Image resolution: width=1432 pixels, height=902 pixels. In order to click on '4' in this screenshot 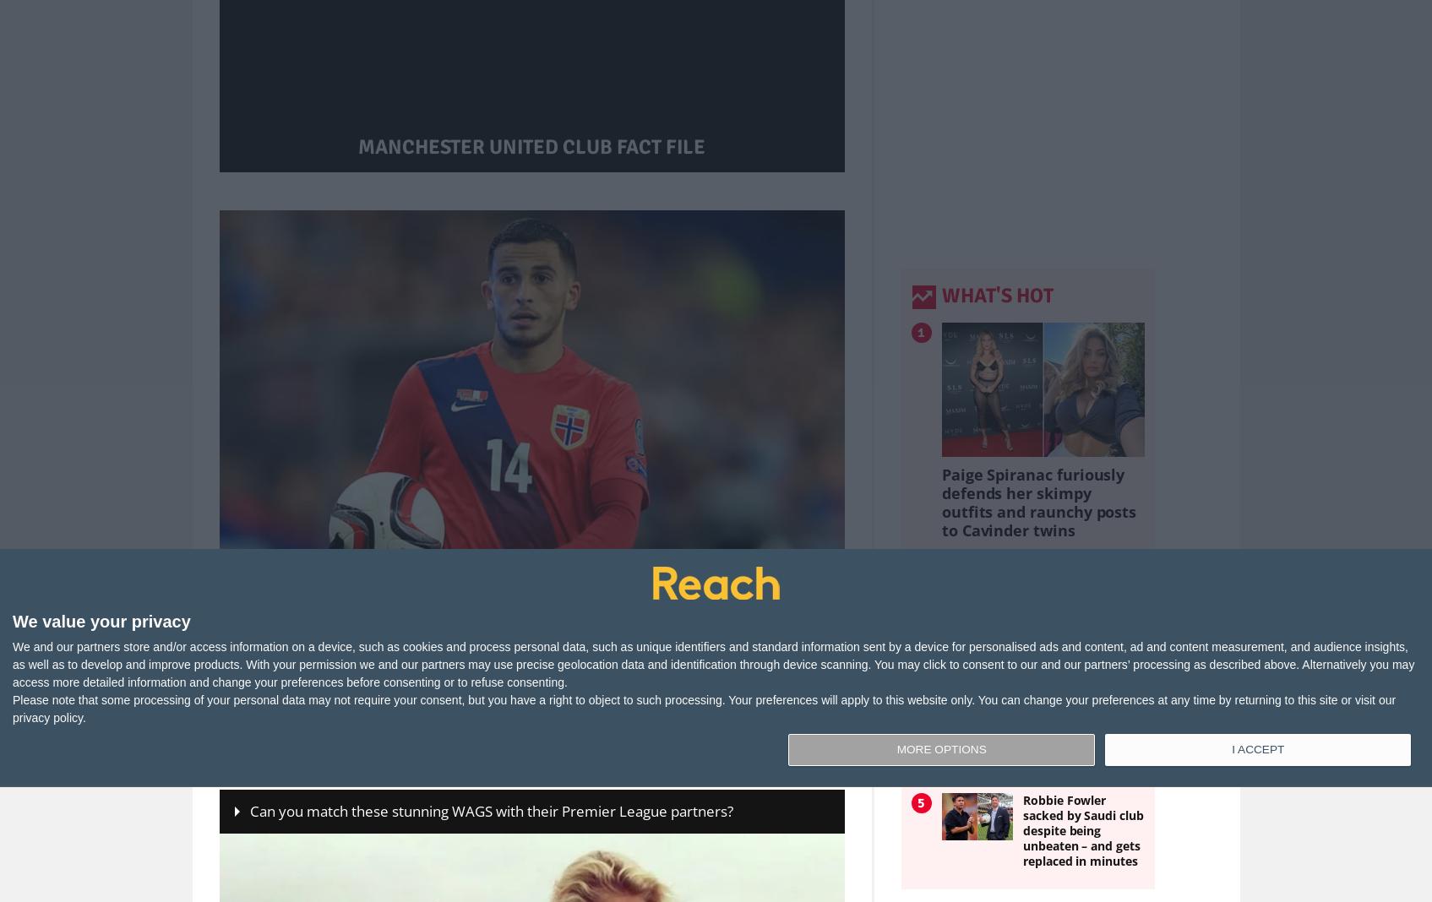, I will do `click(921, 731)`.